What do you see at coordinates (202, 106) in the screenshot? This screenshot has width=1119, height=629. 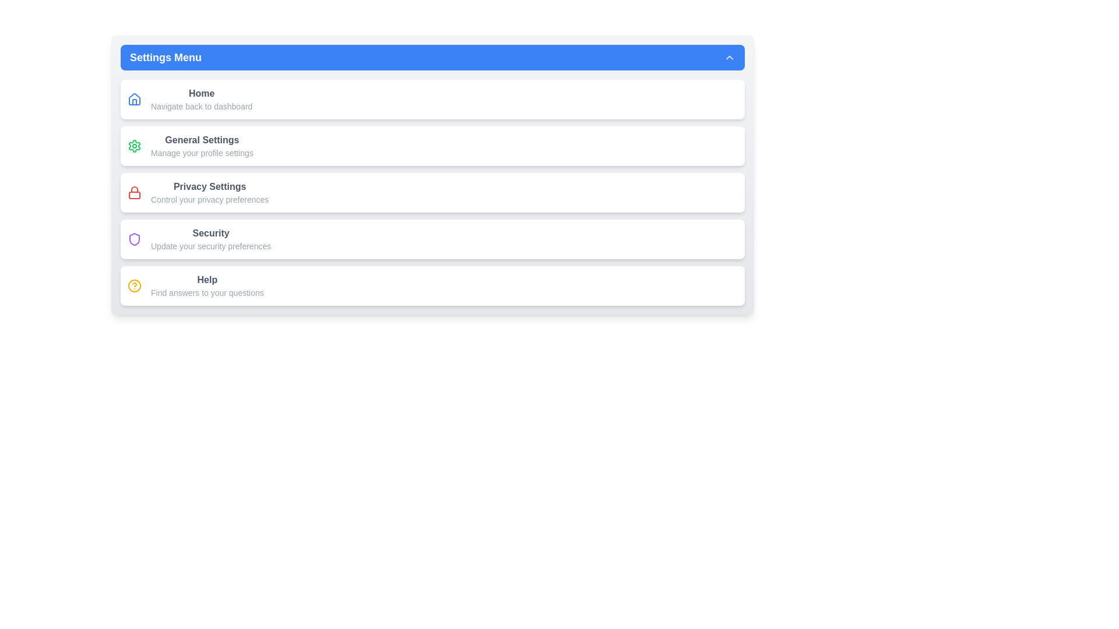 I see `the text label that reads 'Navigate back to dashboard', which is styled in a small gray font and located beneath the bold 'Home' text in the menu` at bounding box center [202, 106].